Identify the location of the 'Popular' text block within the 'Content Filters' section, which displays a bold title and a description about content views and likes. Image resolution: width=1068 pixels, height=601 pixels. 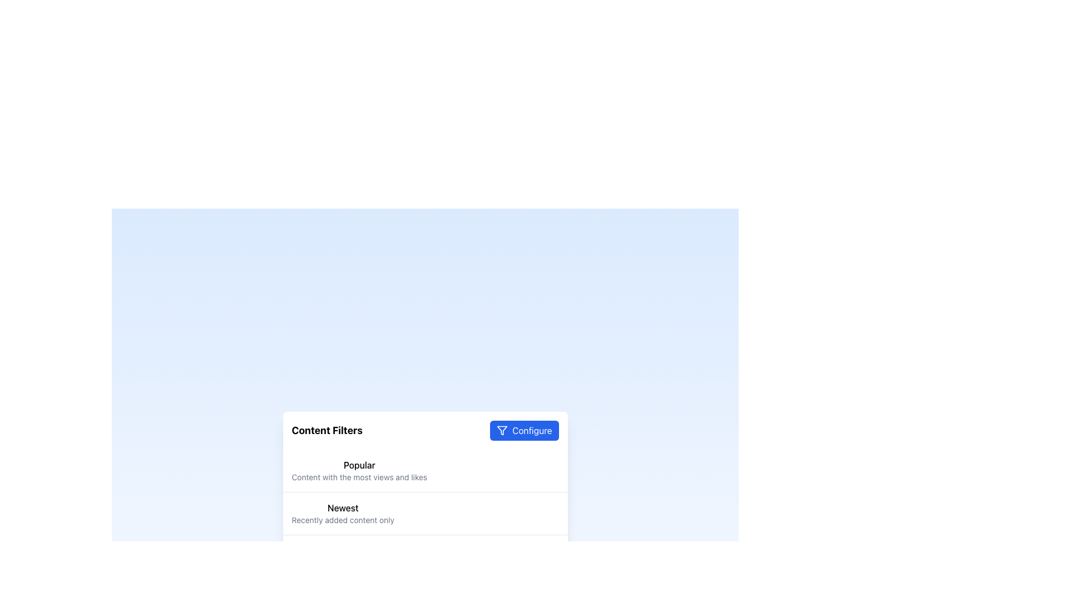
(359, 470).